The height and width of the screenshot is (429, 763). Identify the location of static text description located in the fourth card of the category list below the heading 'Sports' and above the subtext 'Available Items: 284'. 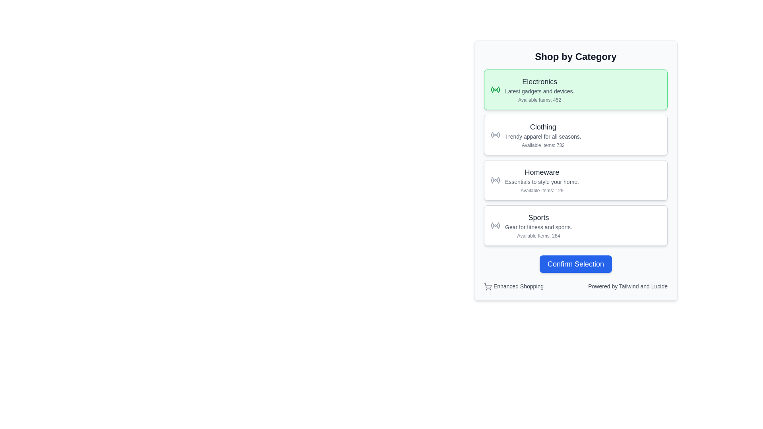
(538, 227).